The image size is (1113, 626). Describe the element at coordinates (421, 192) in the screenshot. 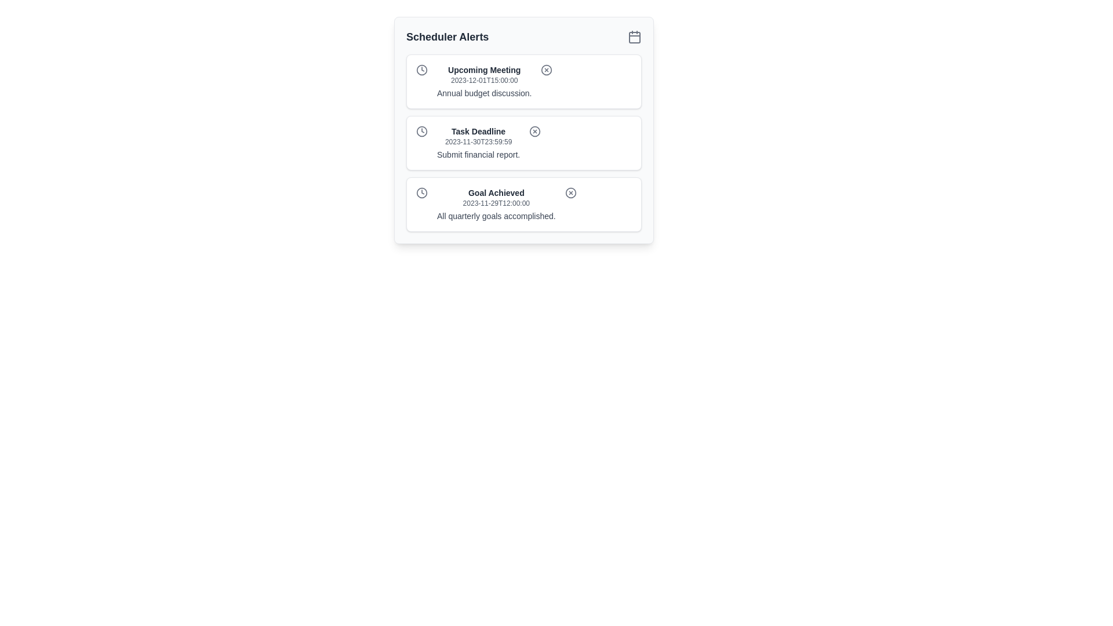

I see `the significance of the time or schedule icon located within the 'Goal Achieved' notification box at the bottom of the 'Scheduler Alerts' card, positioned to the left of the text content` at that location.